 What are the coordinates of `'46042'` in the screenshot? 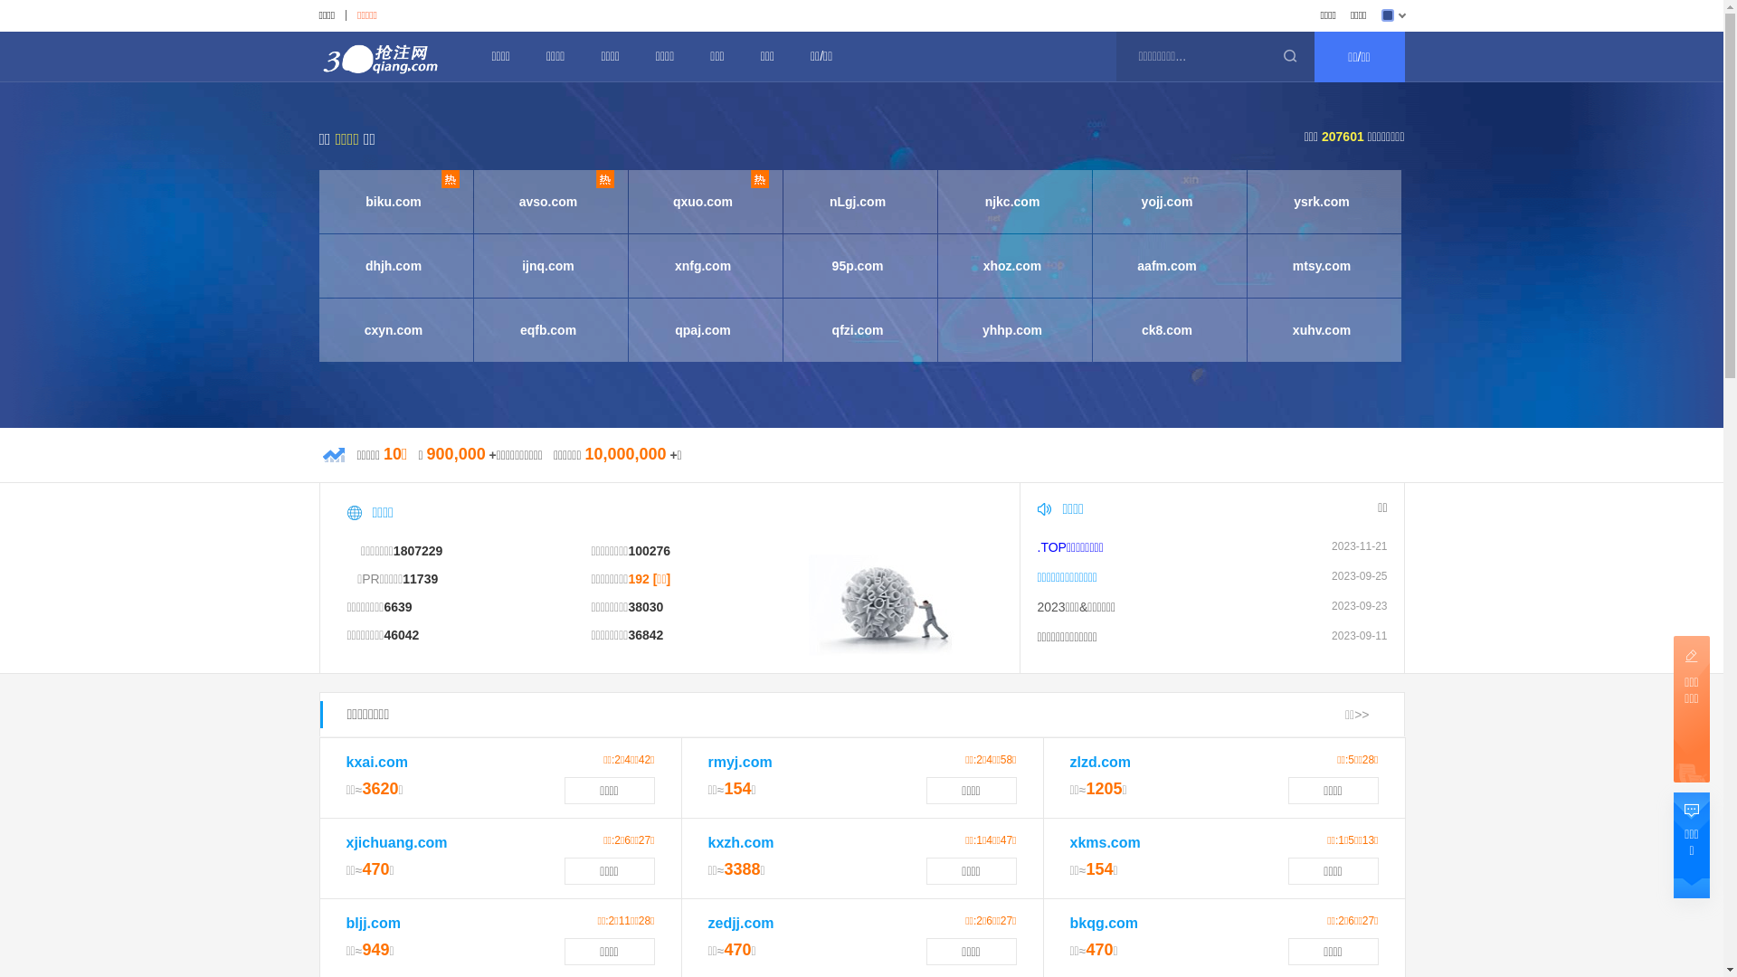 It's located at (400, 634).